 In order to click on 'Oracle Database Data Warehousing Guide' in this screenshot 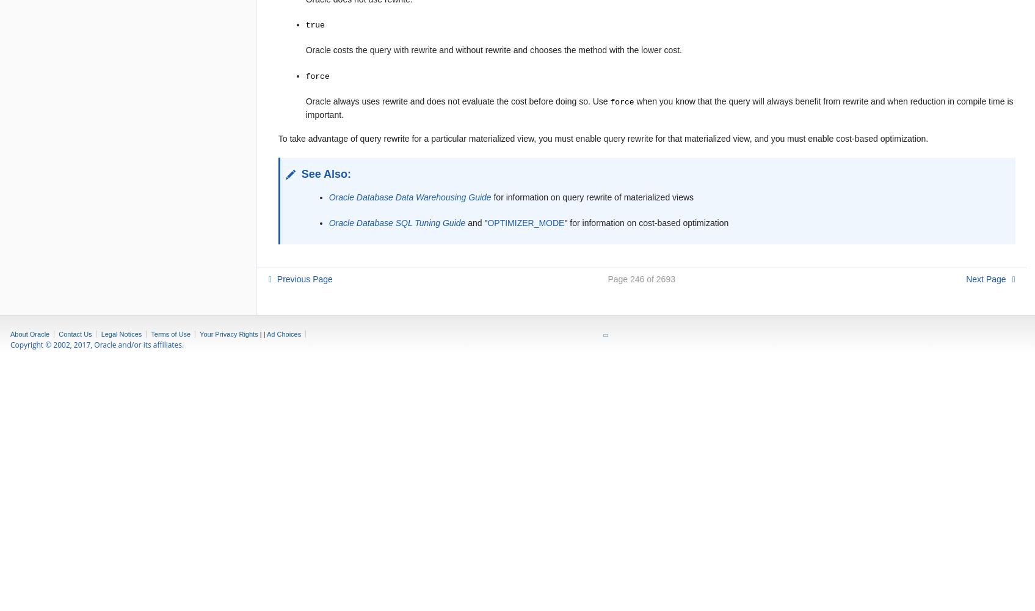, I will do `click(410, 197)`.